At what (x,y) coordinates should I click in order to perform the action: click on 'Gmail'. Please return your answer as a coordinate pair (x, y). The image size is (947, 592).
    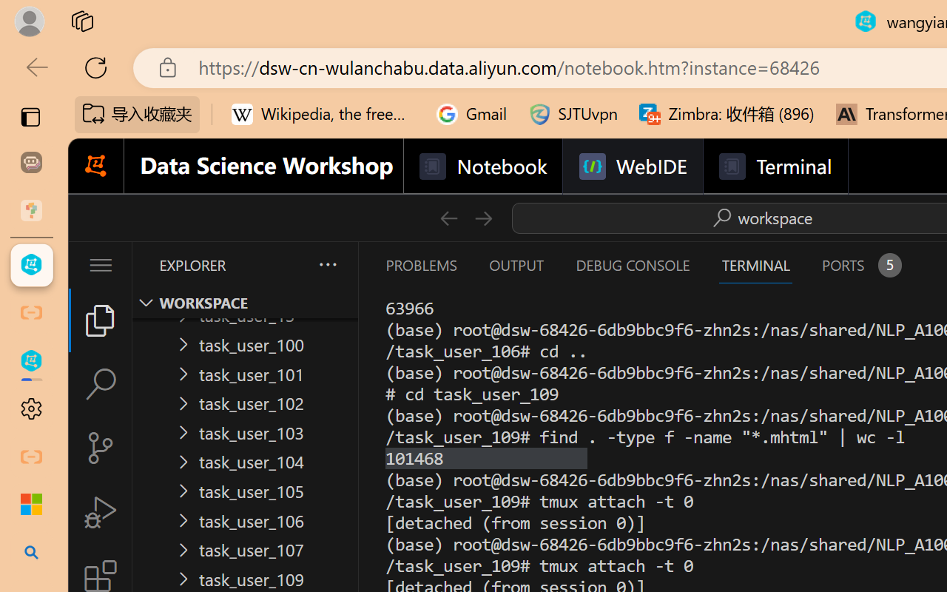
    Looking at the image, I should click on (471, 114).